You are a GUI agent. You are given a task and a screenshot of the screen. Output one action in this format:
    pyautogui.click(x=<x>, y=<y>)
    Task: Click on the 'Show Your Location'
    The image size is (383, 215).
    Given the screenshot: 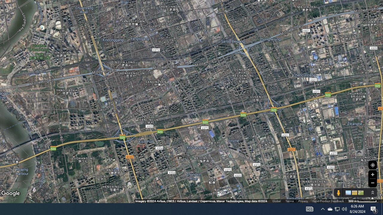 What is the action you would take?
    pyautogui.click(x=372, y=165)
    